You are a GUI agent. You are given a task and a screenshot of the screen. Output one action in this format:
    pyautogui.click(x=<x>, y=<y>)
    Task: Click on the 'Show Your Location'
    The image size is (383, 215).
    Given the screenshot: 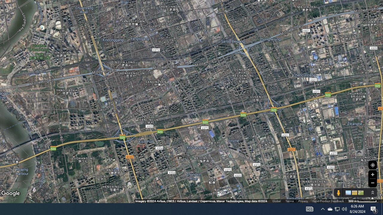 What is the action you would take?
    pyautogui.click(x=372, y=165)
    